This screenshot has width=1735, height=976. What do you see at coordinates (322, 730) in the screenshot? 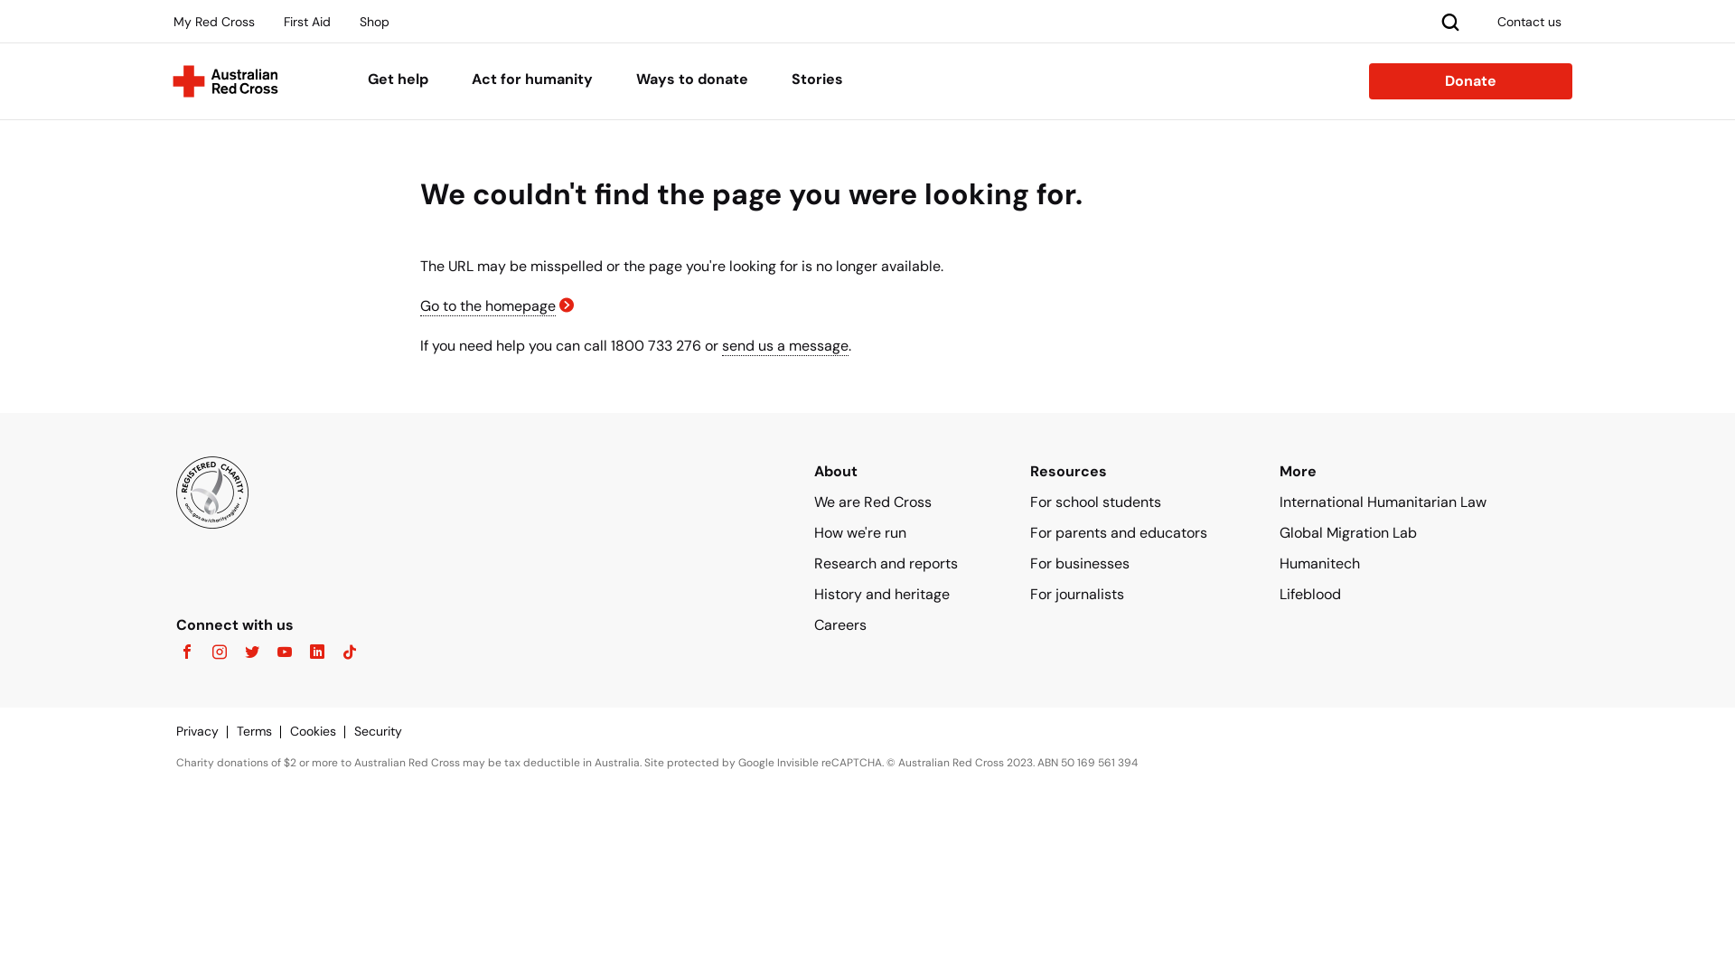
I see `'Cookies'` at bounding box center [322, 730].